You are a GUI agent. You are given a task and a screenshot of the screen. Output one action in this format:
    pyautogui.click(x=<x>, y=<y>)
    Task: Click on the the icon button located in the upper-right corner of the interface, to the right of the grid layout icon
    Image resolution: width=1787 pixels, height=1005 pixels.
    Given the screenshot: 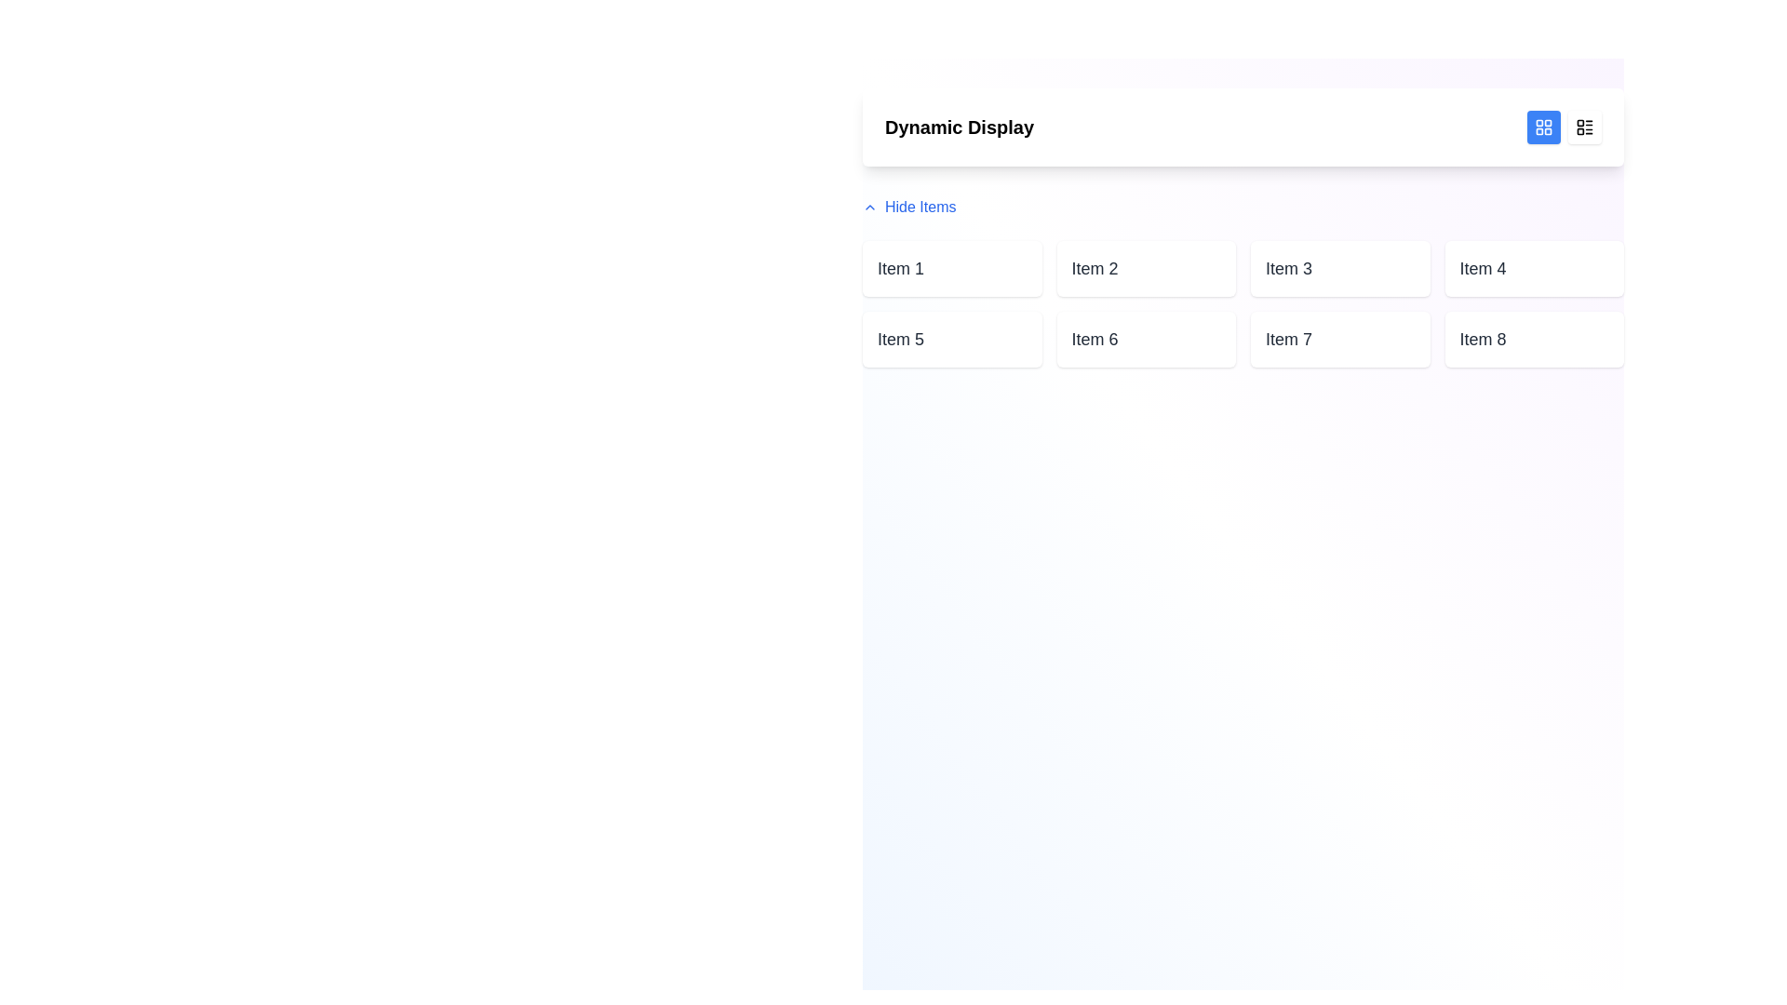 What is the action you would take?
    pyautogui.click(x=1584, y=127)
    